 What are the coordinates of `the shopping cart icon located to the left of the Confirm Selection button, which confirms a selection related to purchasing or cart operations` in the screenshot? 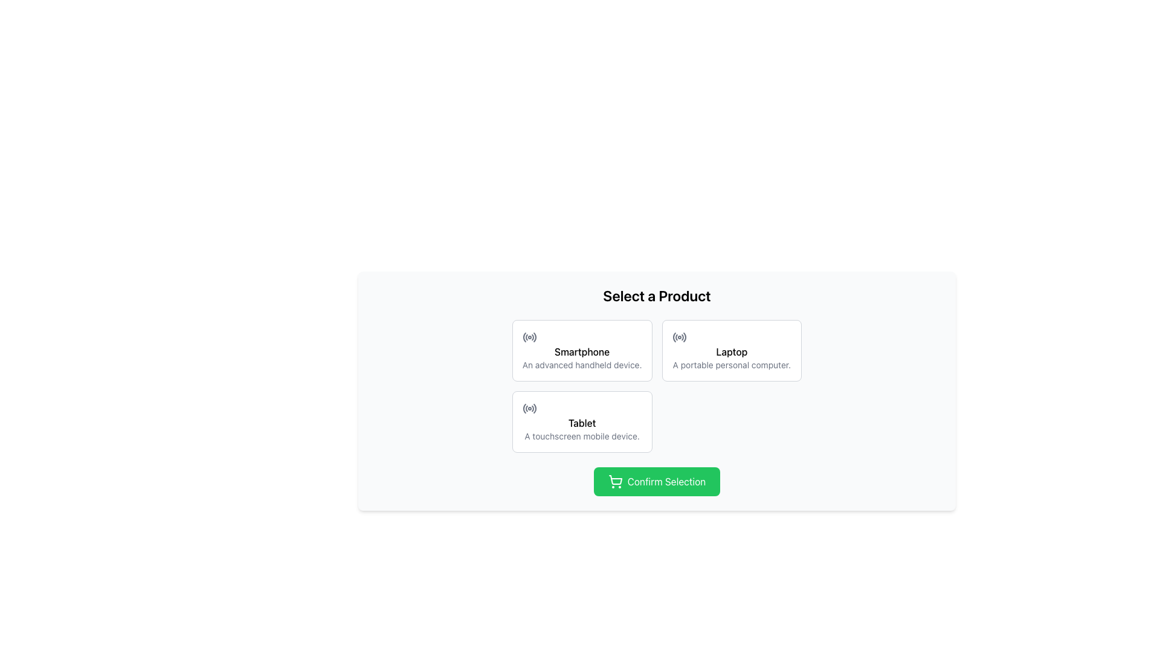 It's located at (615, 481).